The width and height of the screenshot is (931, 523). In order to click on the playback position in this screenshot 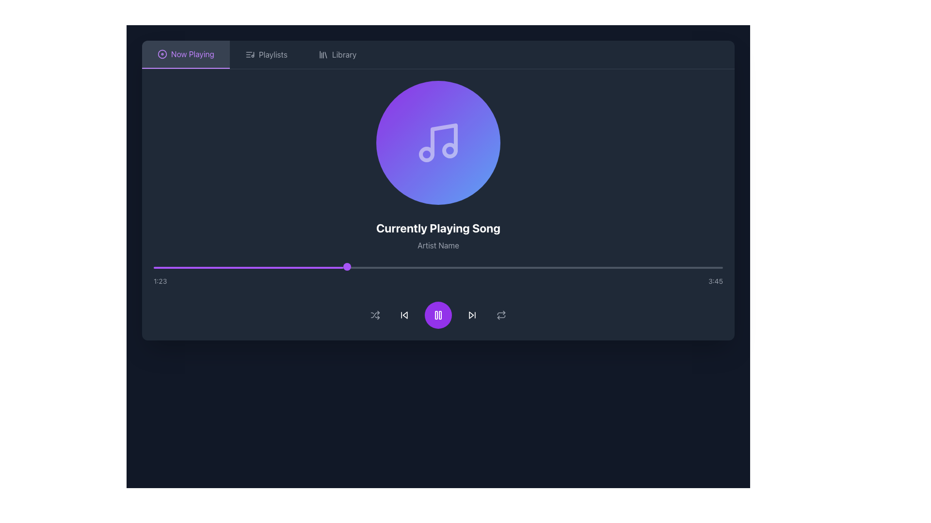, I will do `click(517, 267)`.